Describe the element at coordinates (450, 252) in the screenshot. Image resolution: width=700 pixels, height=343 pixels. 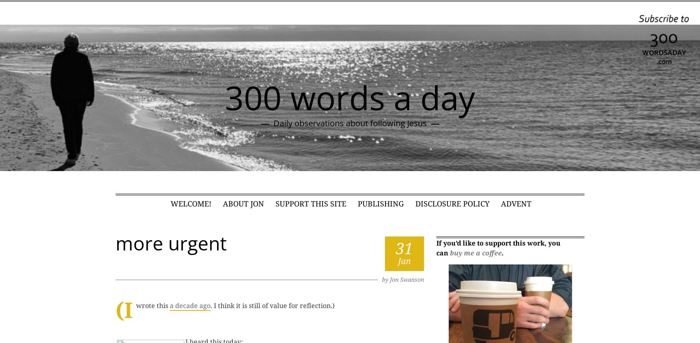
I see `'buy me a coffee'` at that location.